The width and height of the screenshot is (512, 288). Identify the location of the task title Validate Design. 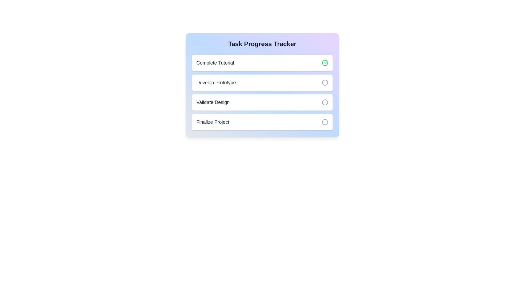
(212, 102).